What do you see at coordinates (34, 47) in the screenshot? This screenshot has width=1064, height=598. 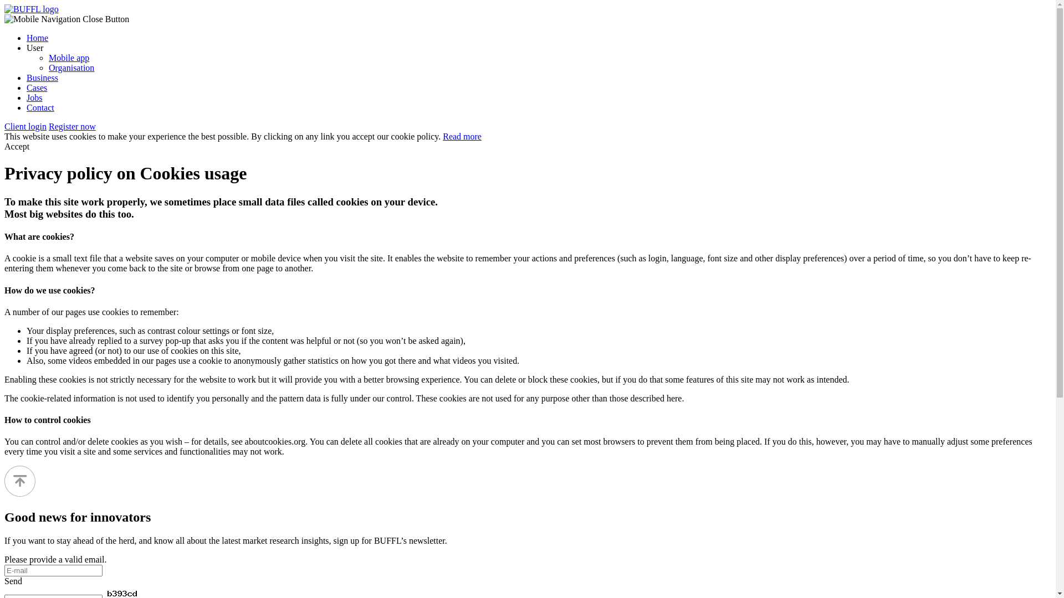 I see `'User'` at bounding box center [34, 47].